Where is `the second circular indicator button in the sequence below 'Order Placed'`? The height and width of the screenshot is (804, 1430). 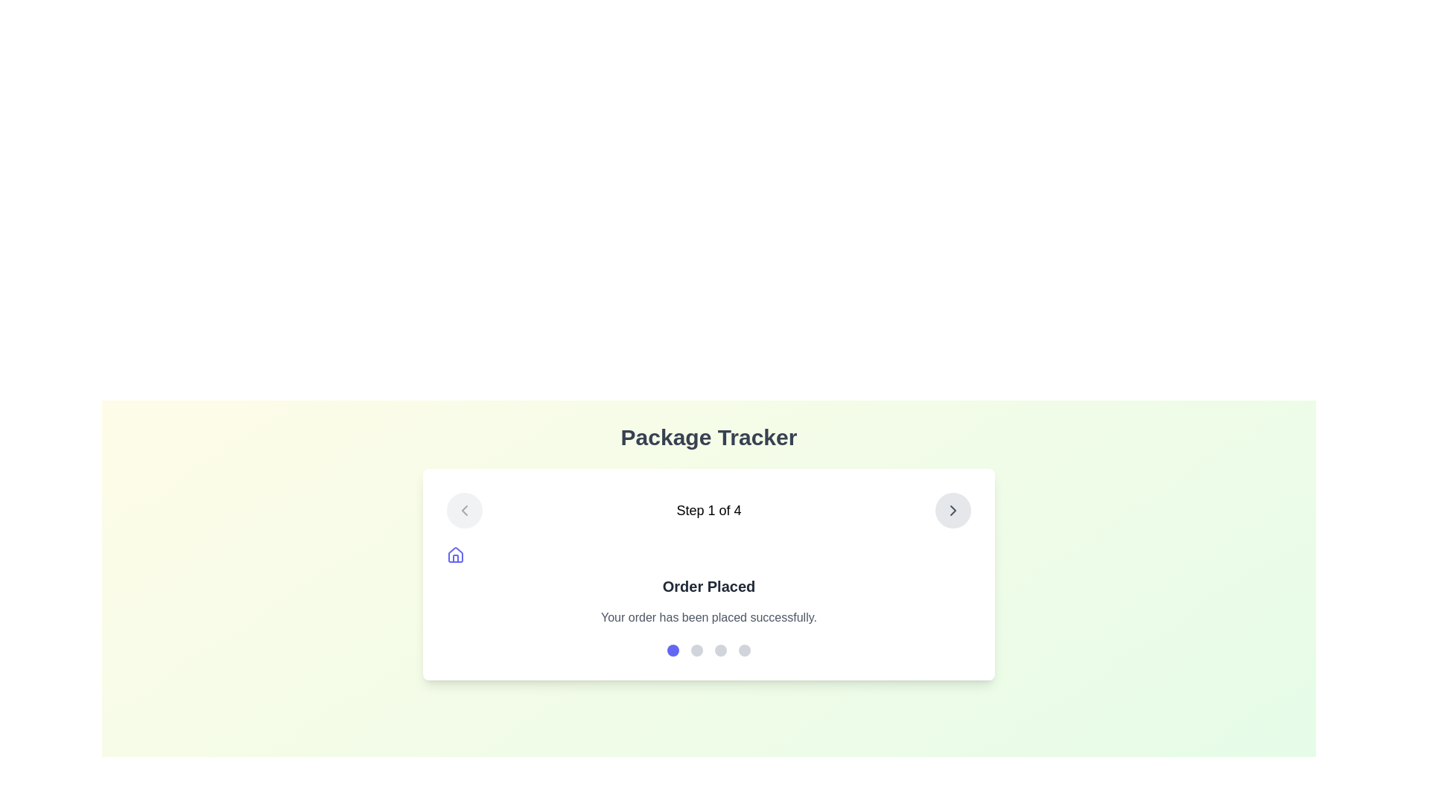
the second circular indicator button in the sequence below 'Order Placed' is located at coordinates (696, 650).